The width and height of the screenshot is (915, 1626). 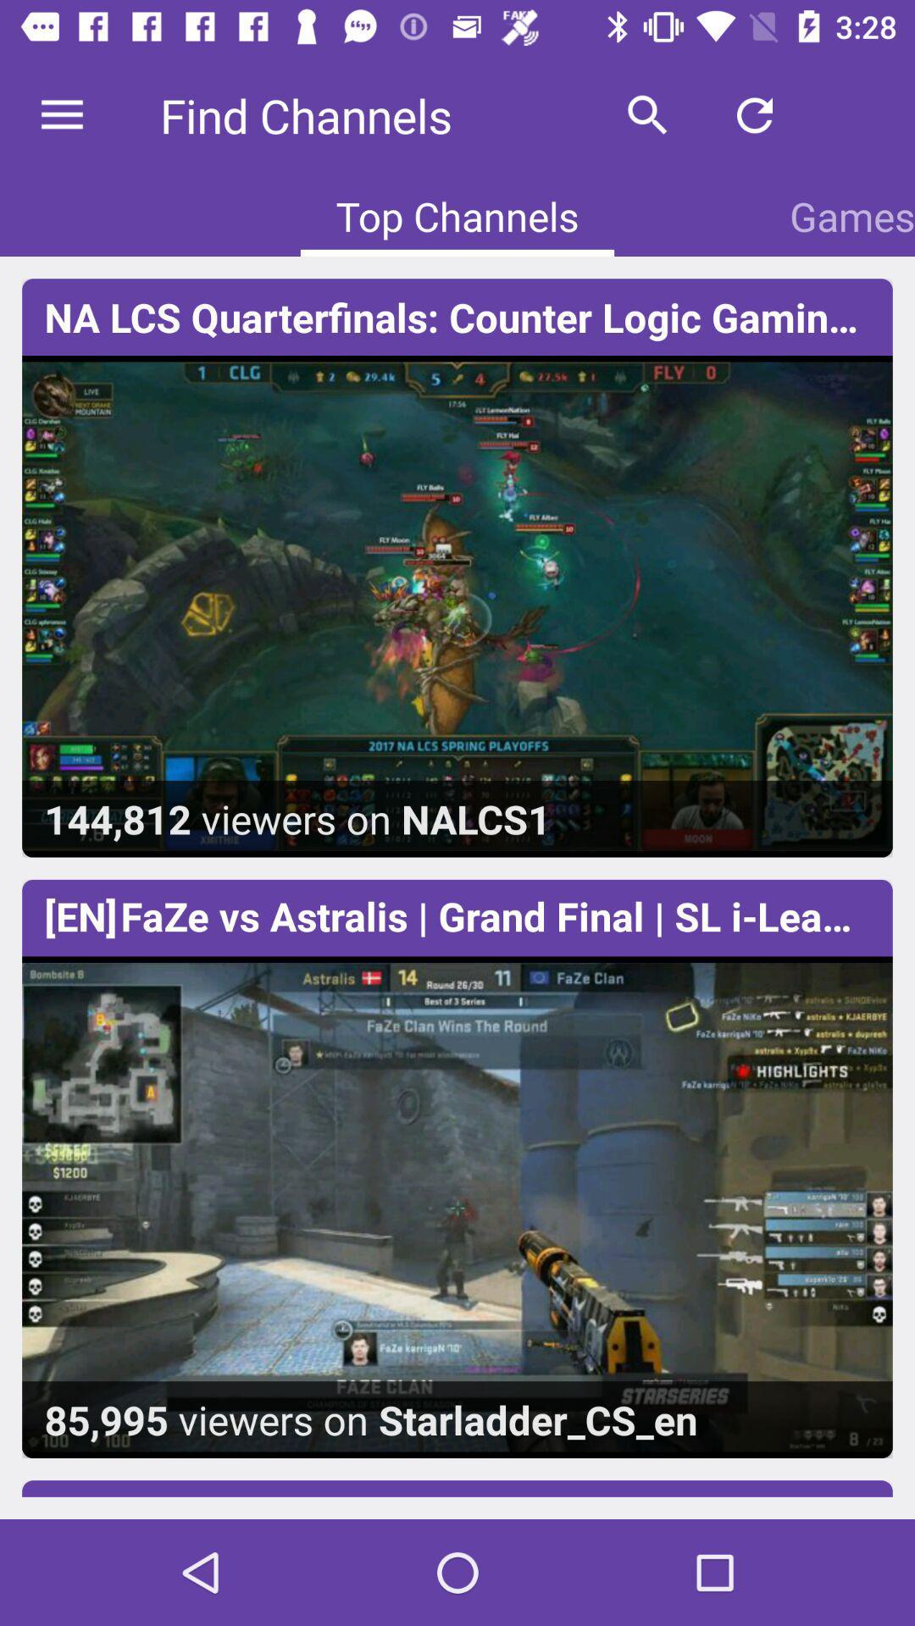 I want to click on the item above the games app, so click(x=862, y=114).